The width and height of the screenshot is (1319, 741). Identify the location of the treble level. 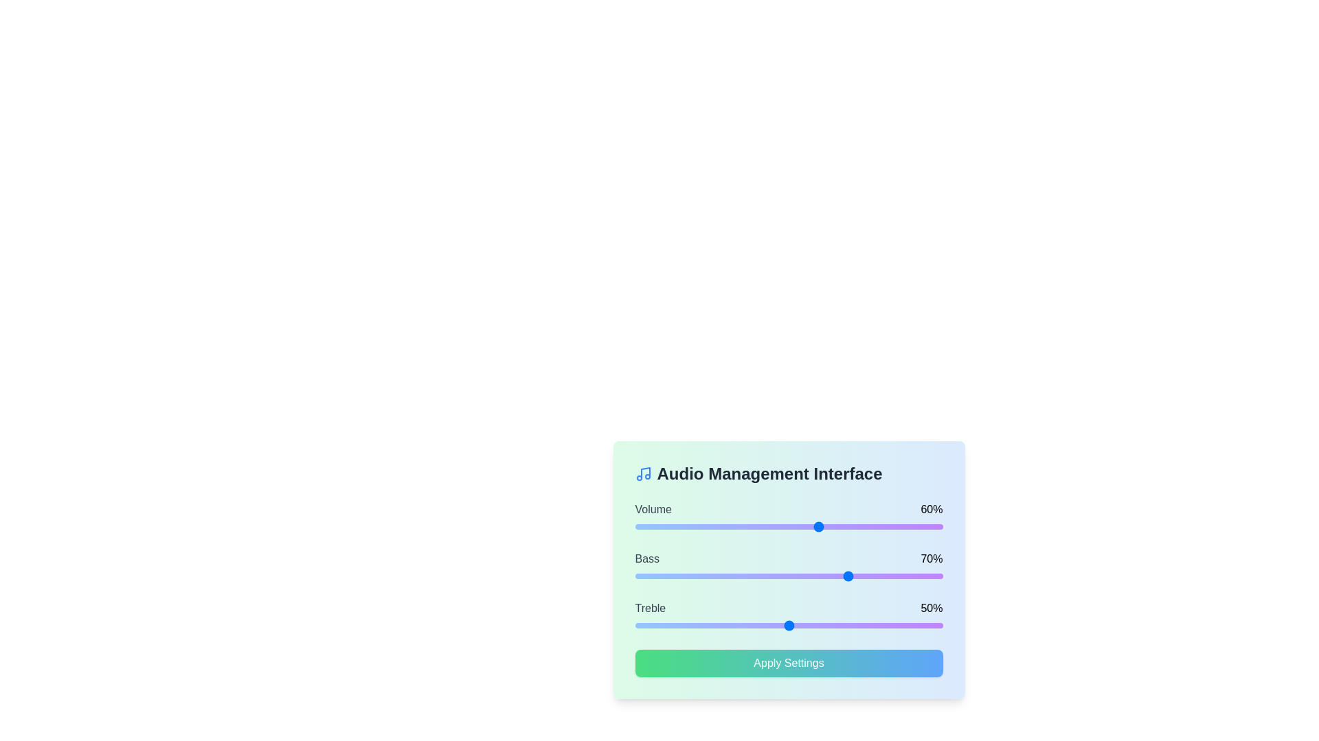
(856, 625).